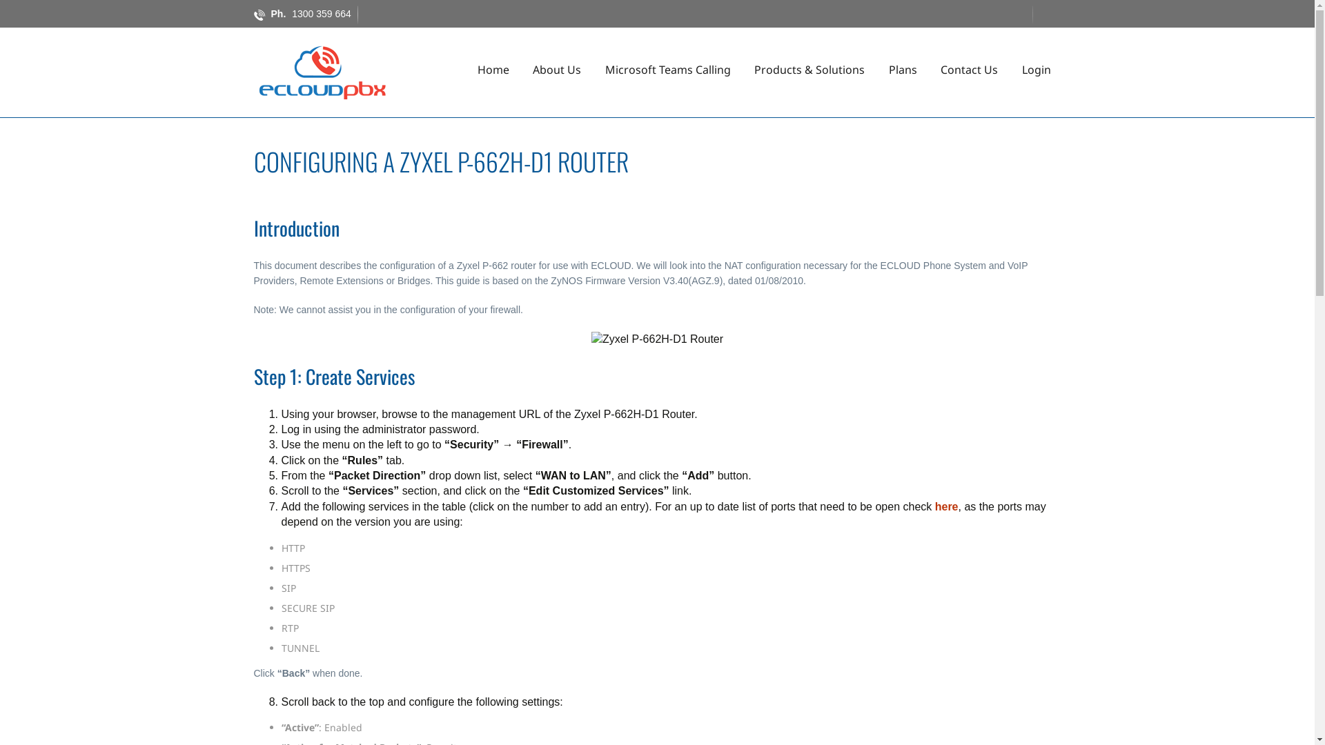 The width and height of the screenshot is (1325, 745). I want to click on 'Zyxel P-662H-D1 Router', so click(591, 339).